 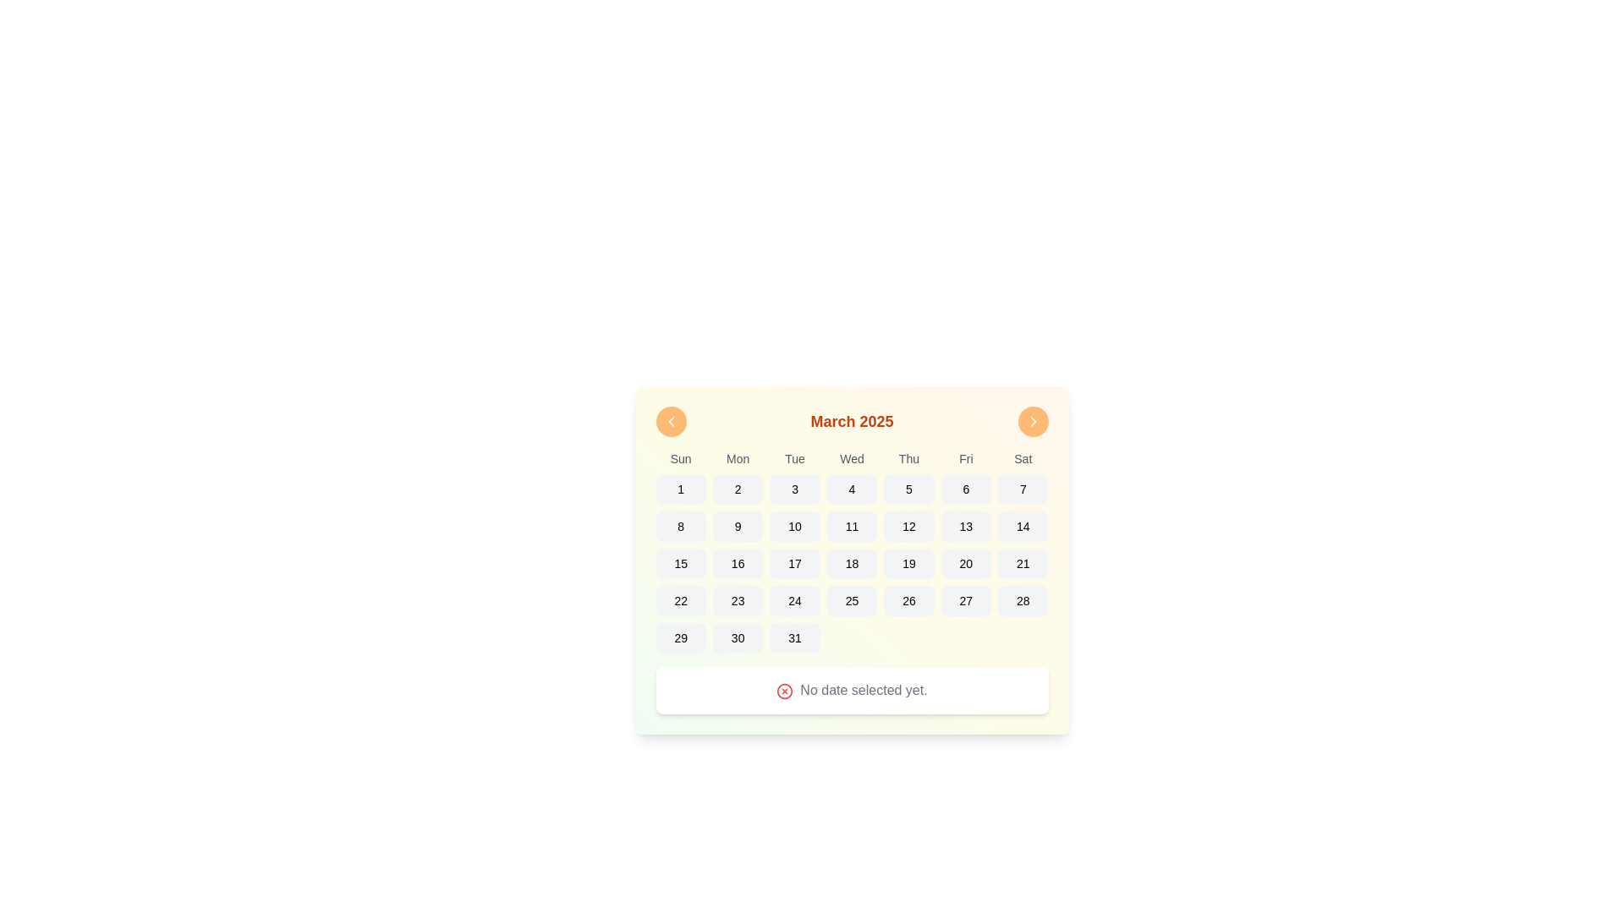 I want to click on the button labeled '9' in the calendar grid, located in the second row, second column beneath 'Mon', to change its background color, so click(x=738, y=526).